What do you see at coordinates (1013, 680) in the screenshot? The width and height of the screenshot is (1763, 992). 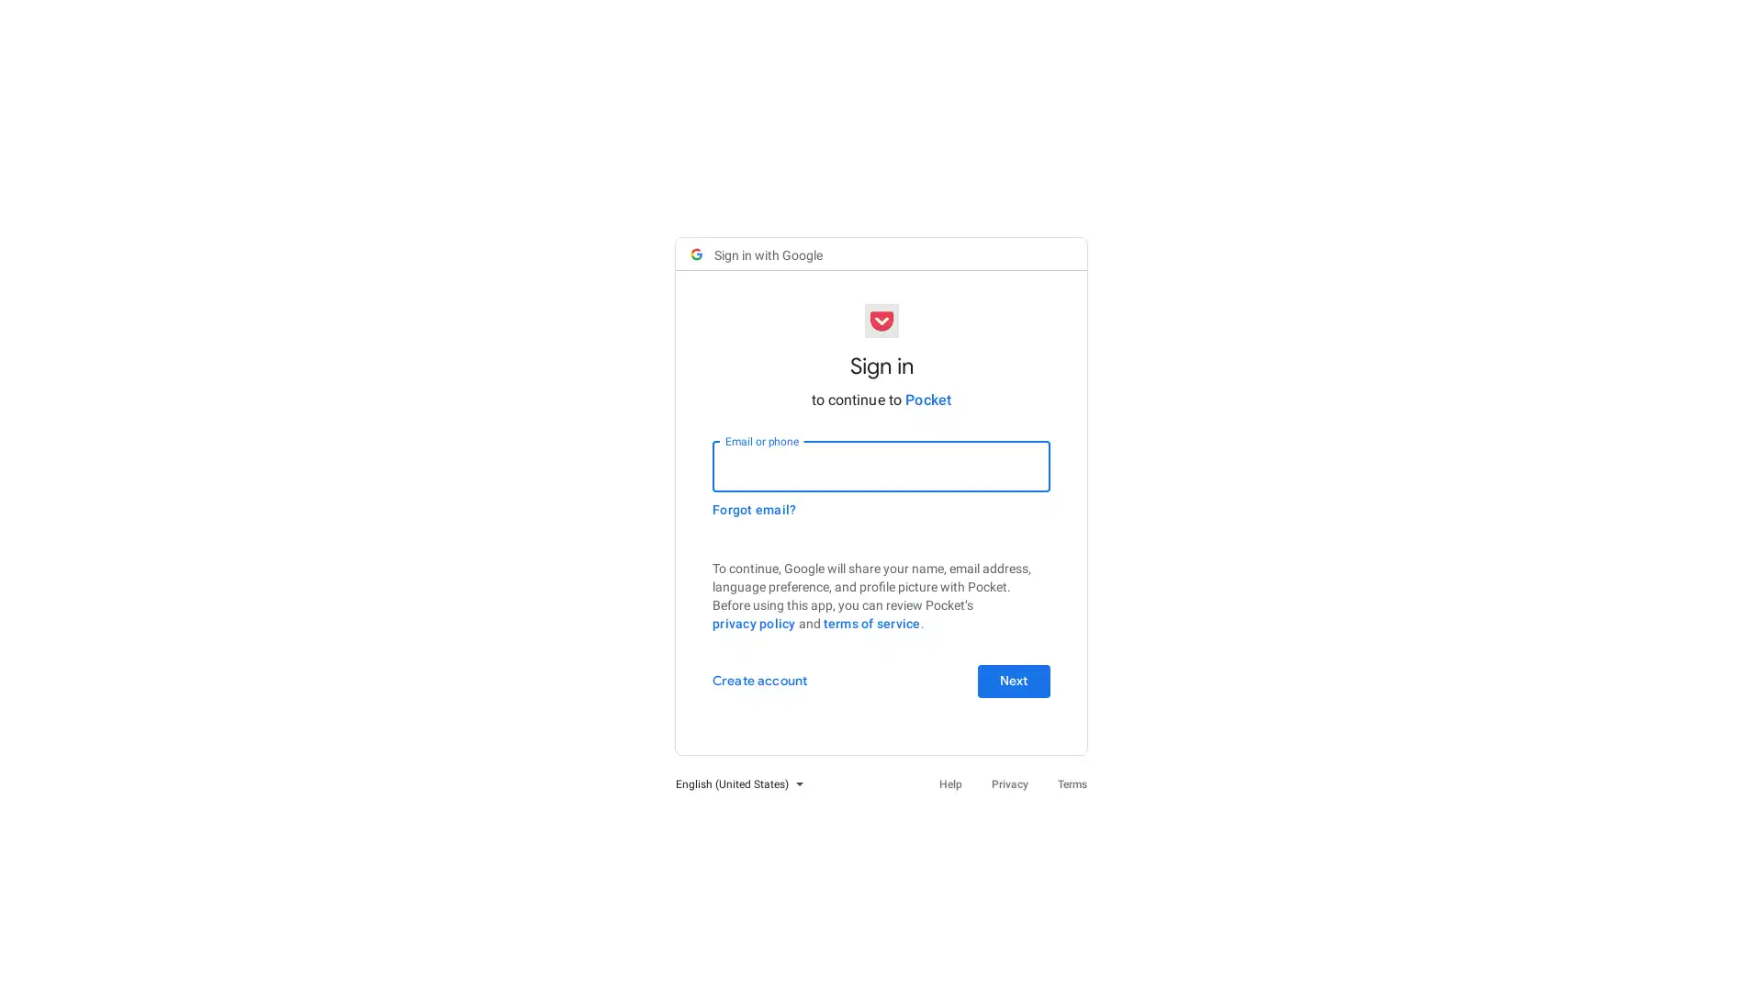 I see `Next` at bounding box center [1013, 680].